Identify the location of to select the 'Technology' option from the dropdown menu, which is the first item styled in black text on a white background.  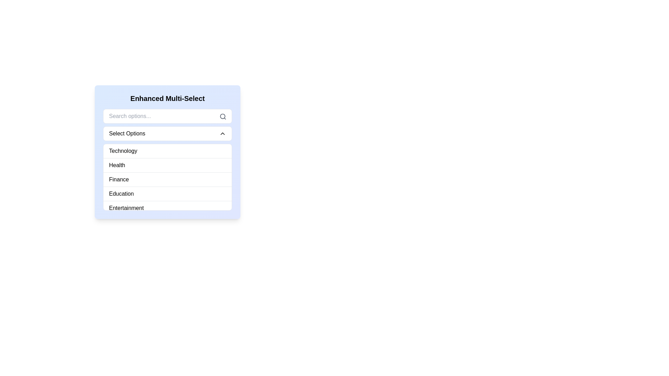
(123, 151).